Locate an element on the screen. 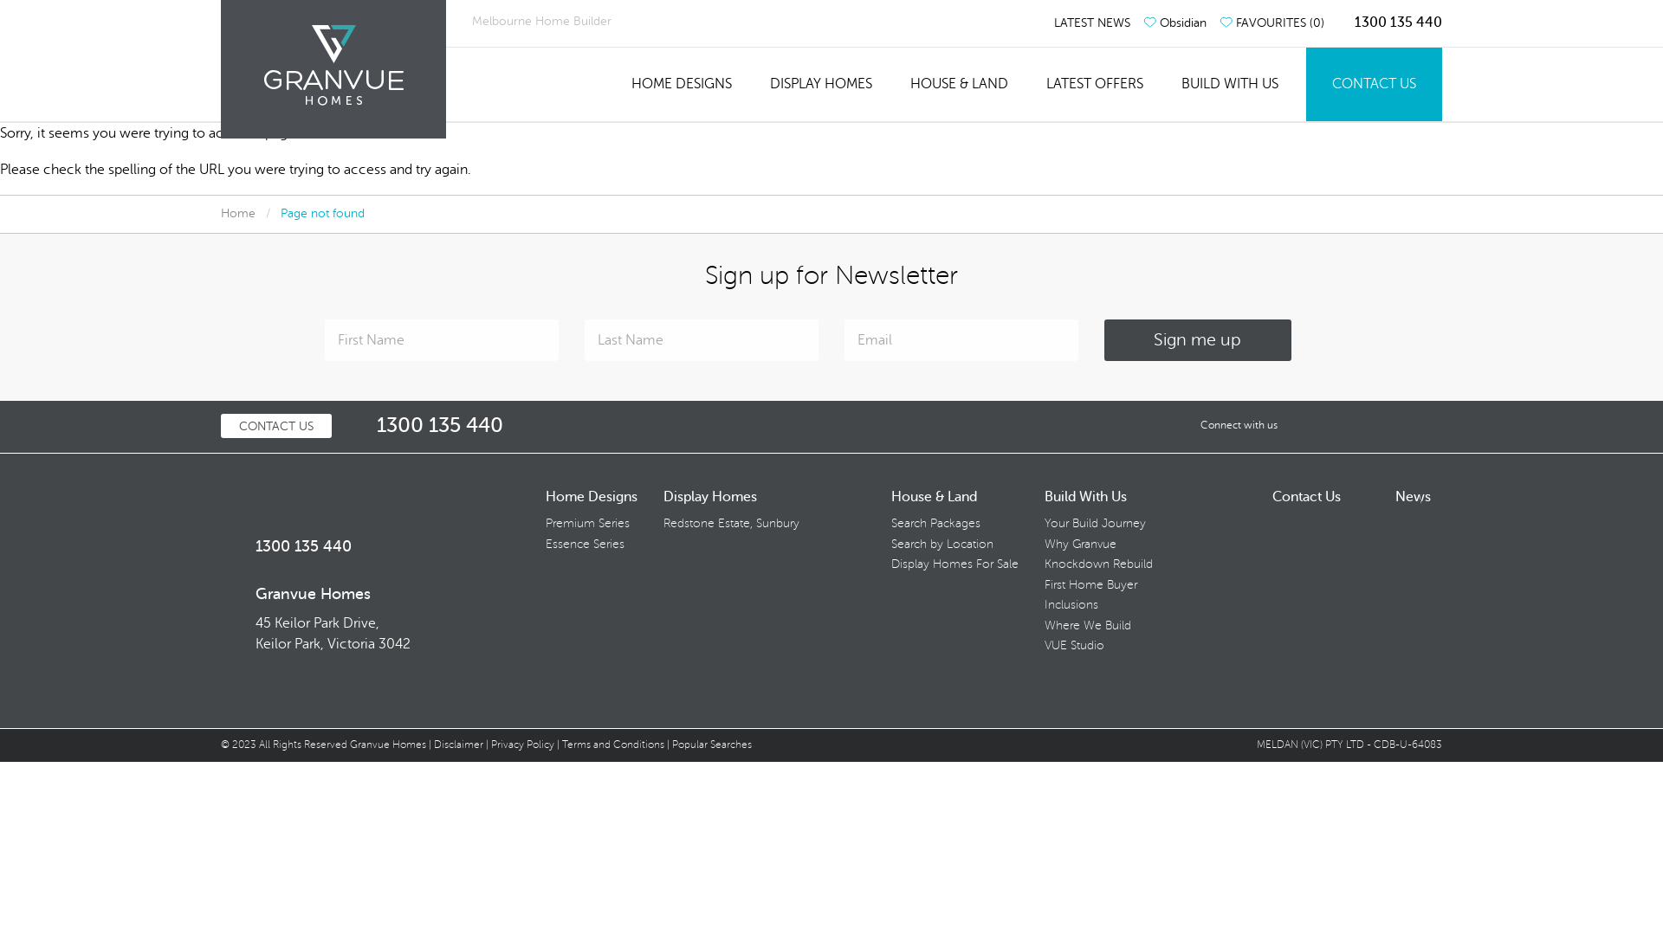  'BUILD WITH US' is located at coordinates (1229, 84).